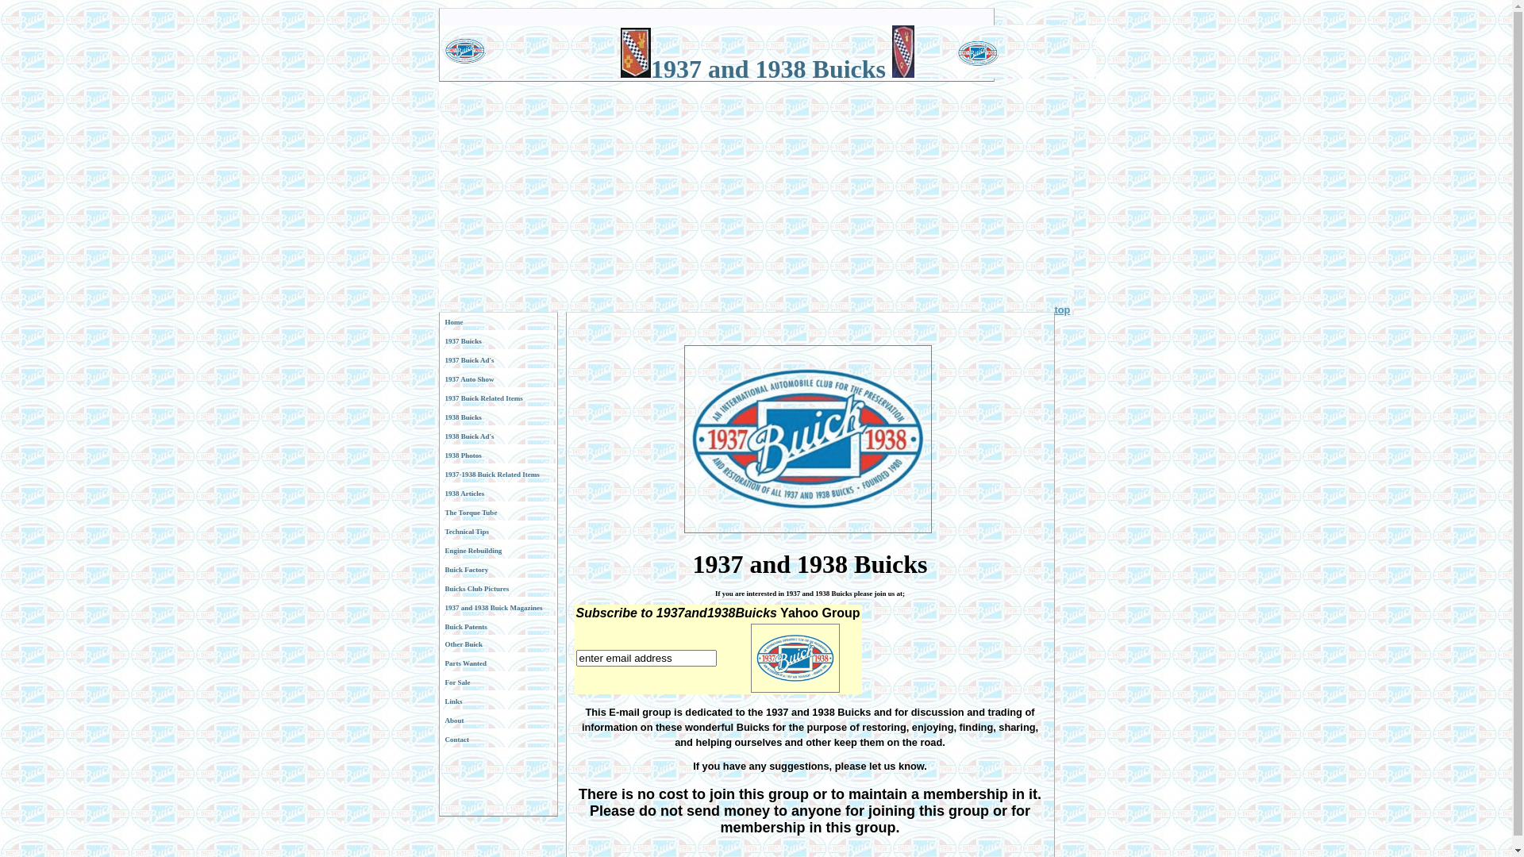 This screenshot has height=857, width=1524. Describe the element at coordinates (497, 512) in the screenshot. I see `'The Torque Tube'` at that location.